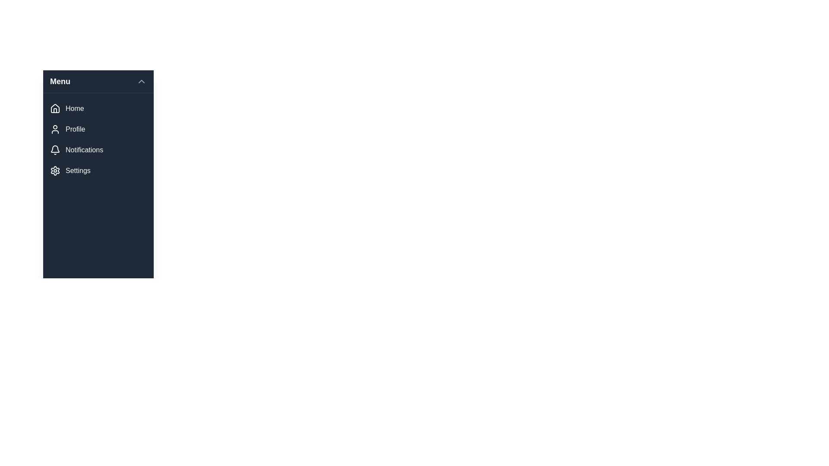 The width and height of the screenshot is (829, 466). I want to click on the 'Home' menu icon, which is the first item in the menu list, aligned with the 'Home' text label, so click(55, 108).